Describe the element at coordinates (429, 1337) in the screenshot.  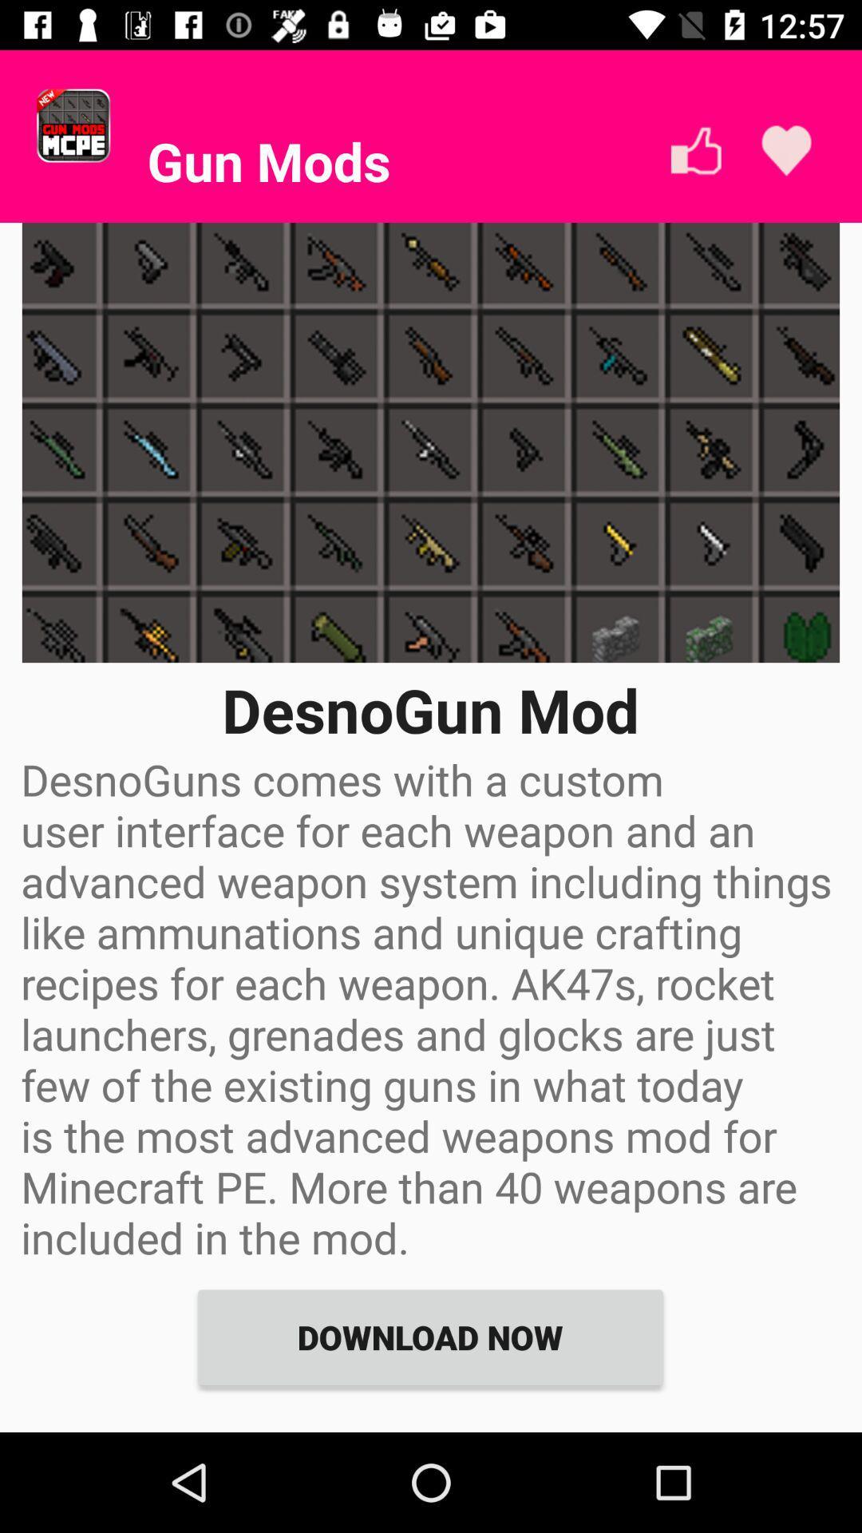
I see `download now` at that location.